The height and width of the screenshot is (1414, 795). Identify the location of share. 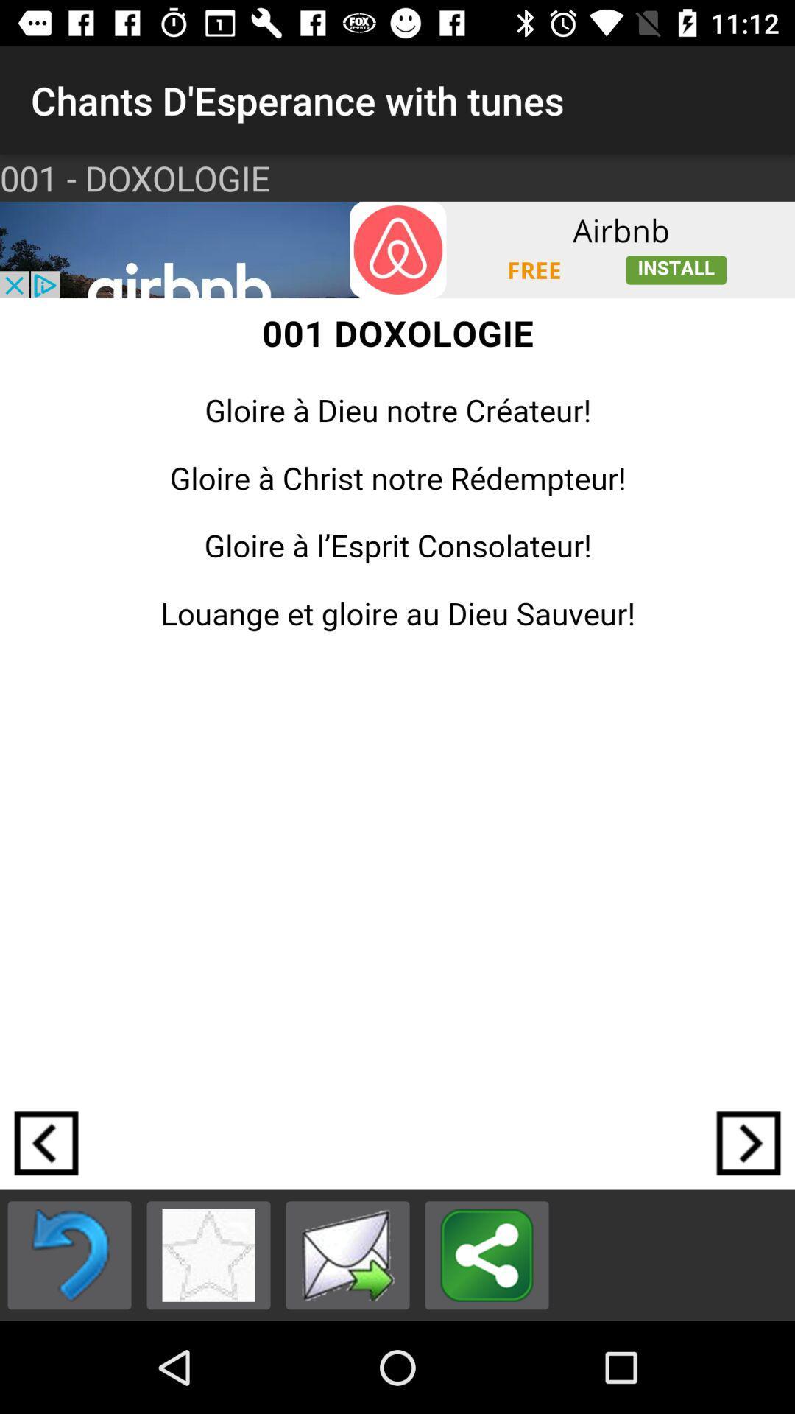
(487, 1254).